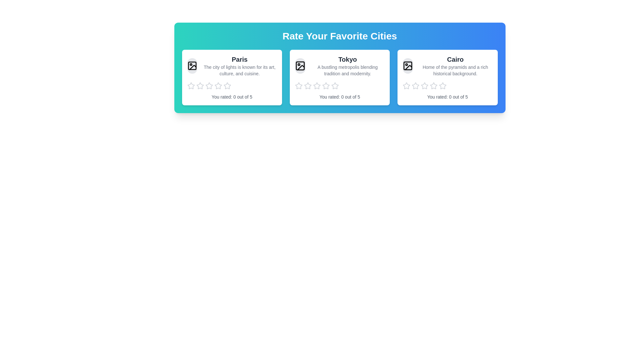 This screenshot has width=621, height=349. I want to click on the circular icon representing an image placeholder with a light gray background and a picture frame illustration, located at the top left corner of the 'Paris' card under the 'Rate Your Favorite Cities' header, so click(192, 66).